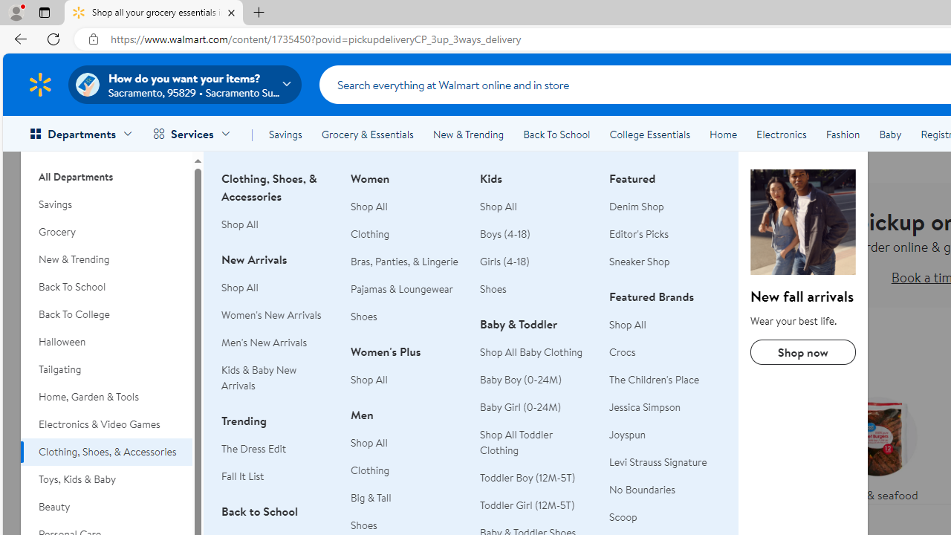  Describe the element at coordinates (802, 352) in the screenshot. I see `'Shop now'` at that location.